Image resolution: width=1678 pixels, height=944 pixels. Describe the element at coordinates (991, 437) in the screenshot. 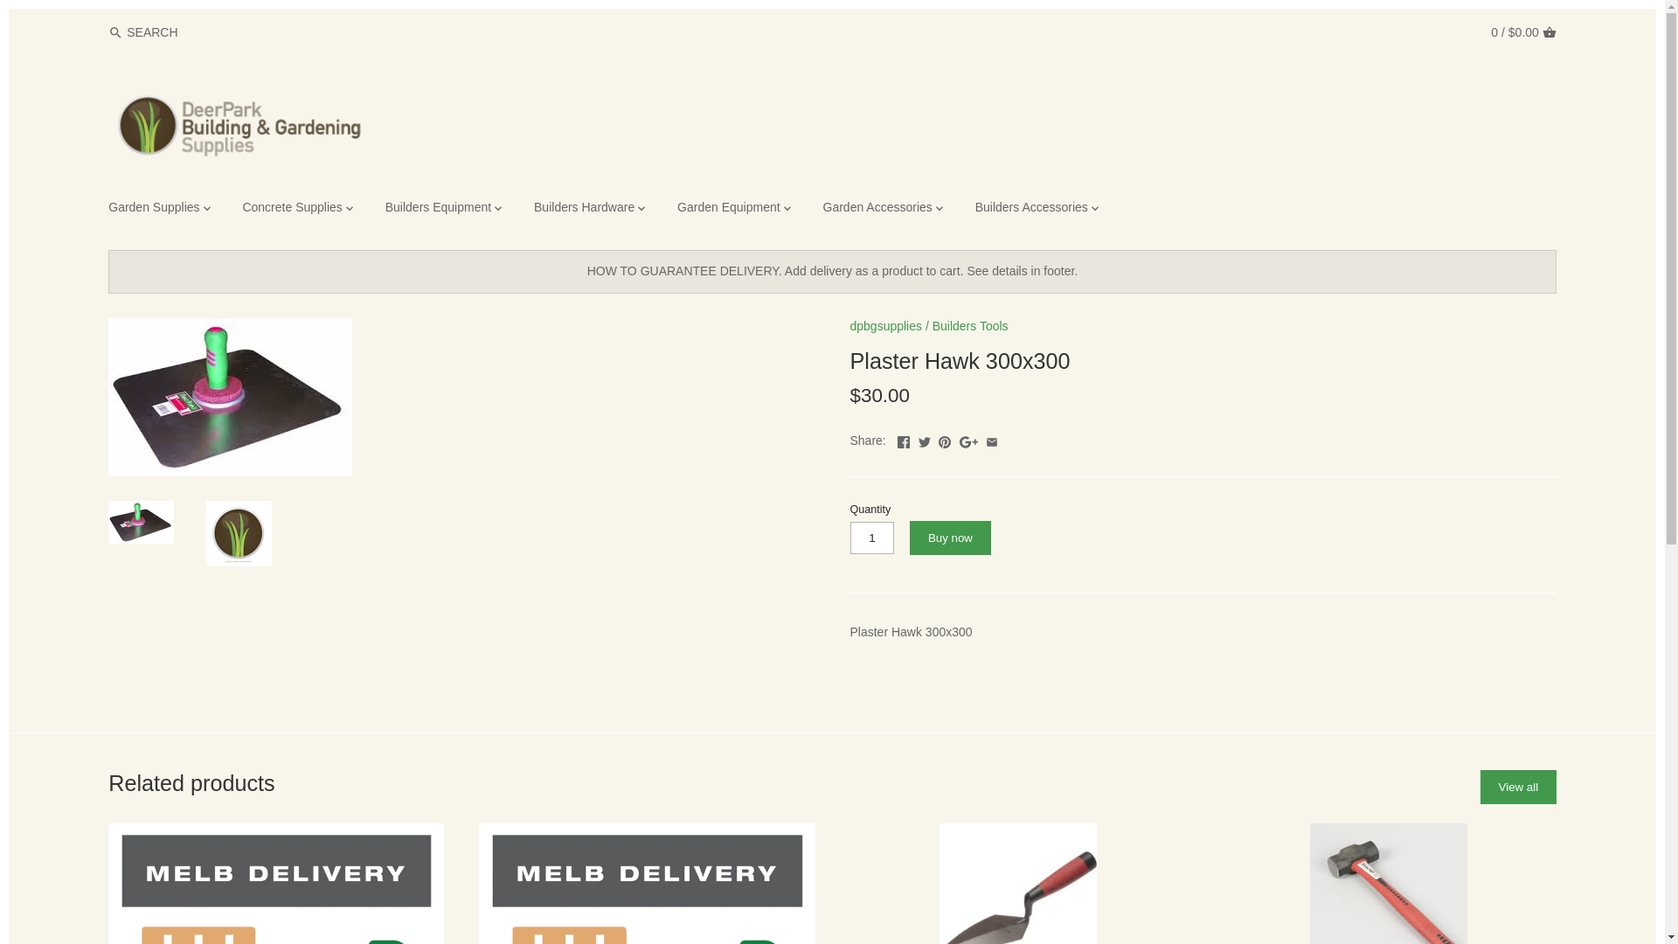

I see `'Email'` at that location.